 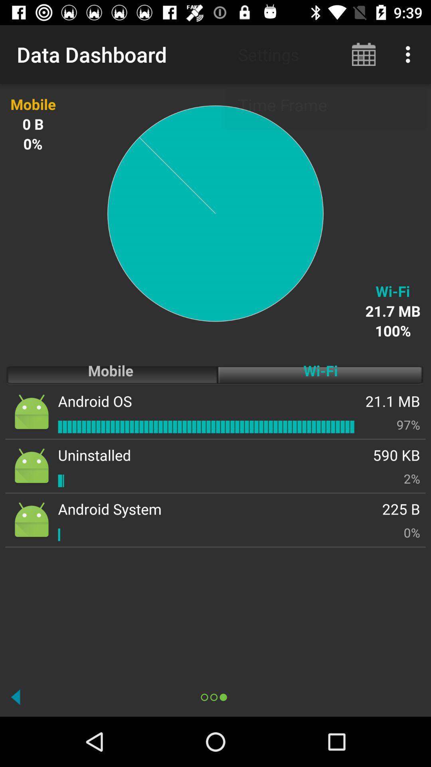 What do you see at coordinates (412, 479) in the screenshot?
I see `app next to uninstalled icon` at bounding box center [412, 479].